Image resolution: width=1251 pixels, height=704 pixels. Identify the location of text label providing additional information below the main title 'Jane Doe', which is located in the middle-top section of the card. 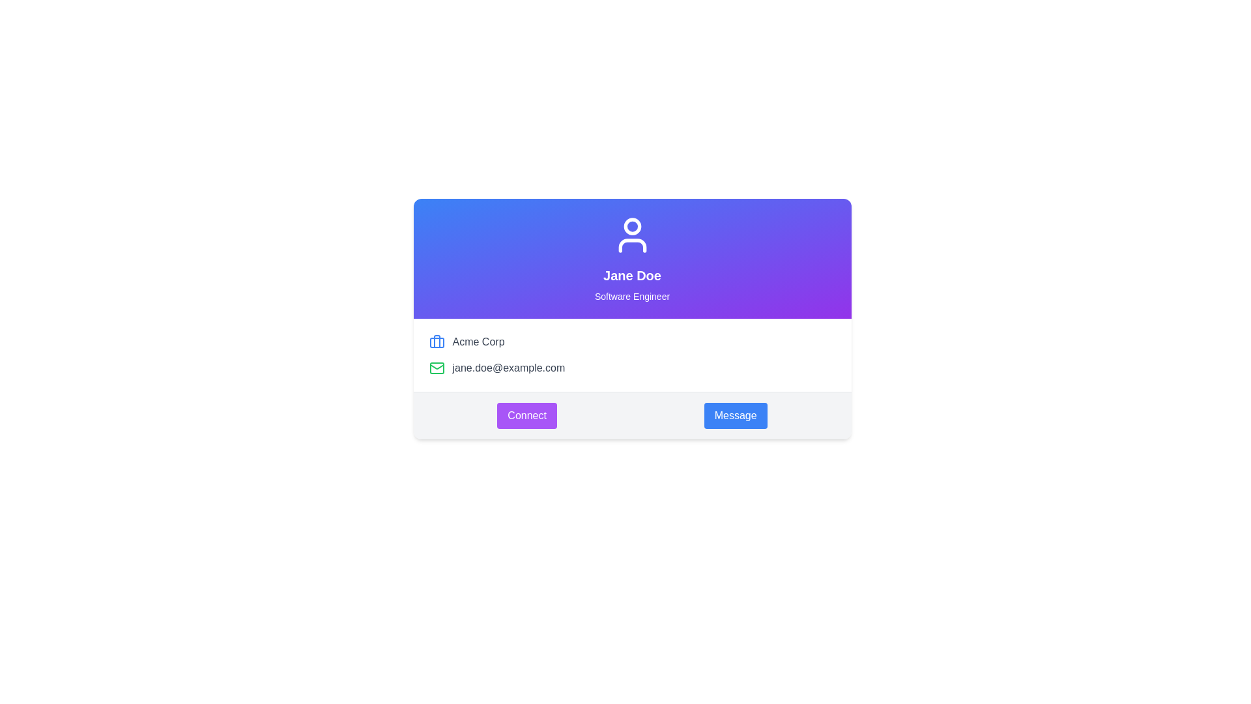
(632, 297).